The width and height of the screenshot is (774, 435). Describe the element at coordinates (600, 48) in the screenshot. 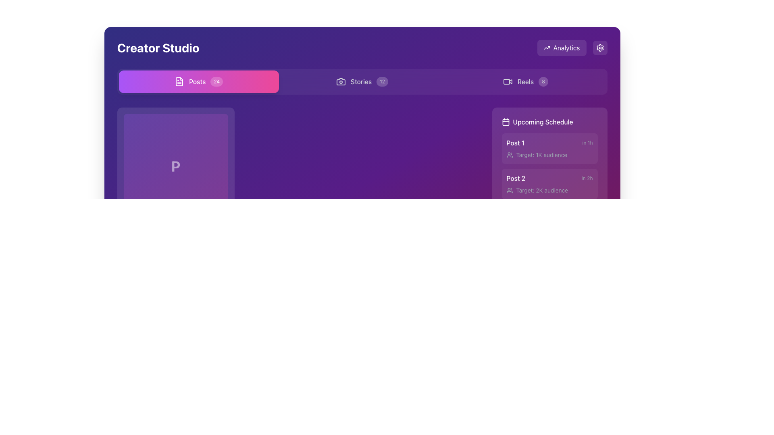

I see `the gear icon button located in the upper-right corner of the header to observe the background color change` at that location.